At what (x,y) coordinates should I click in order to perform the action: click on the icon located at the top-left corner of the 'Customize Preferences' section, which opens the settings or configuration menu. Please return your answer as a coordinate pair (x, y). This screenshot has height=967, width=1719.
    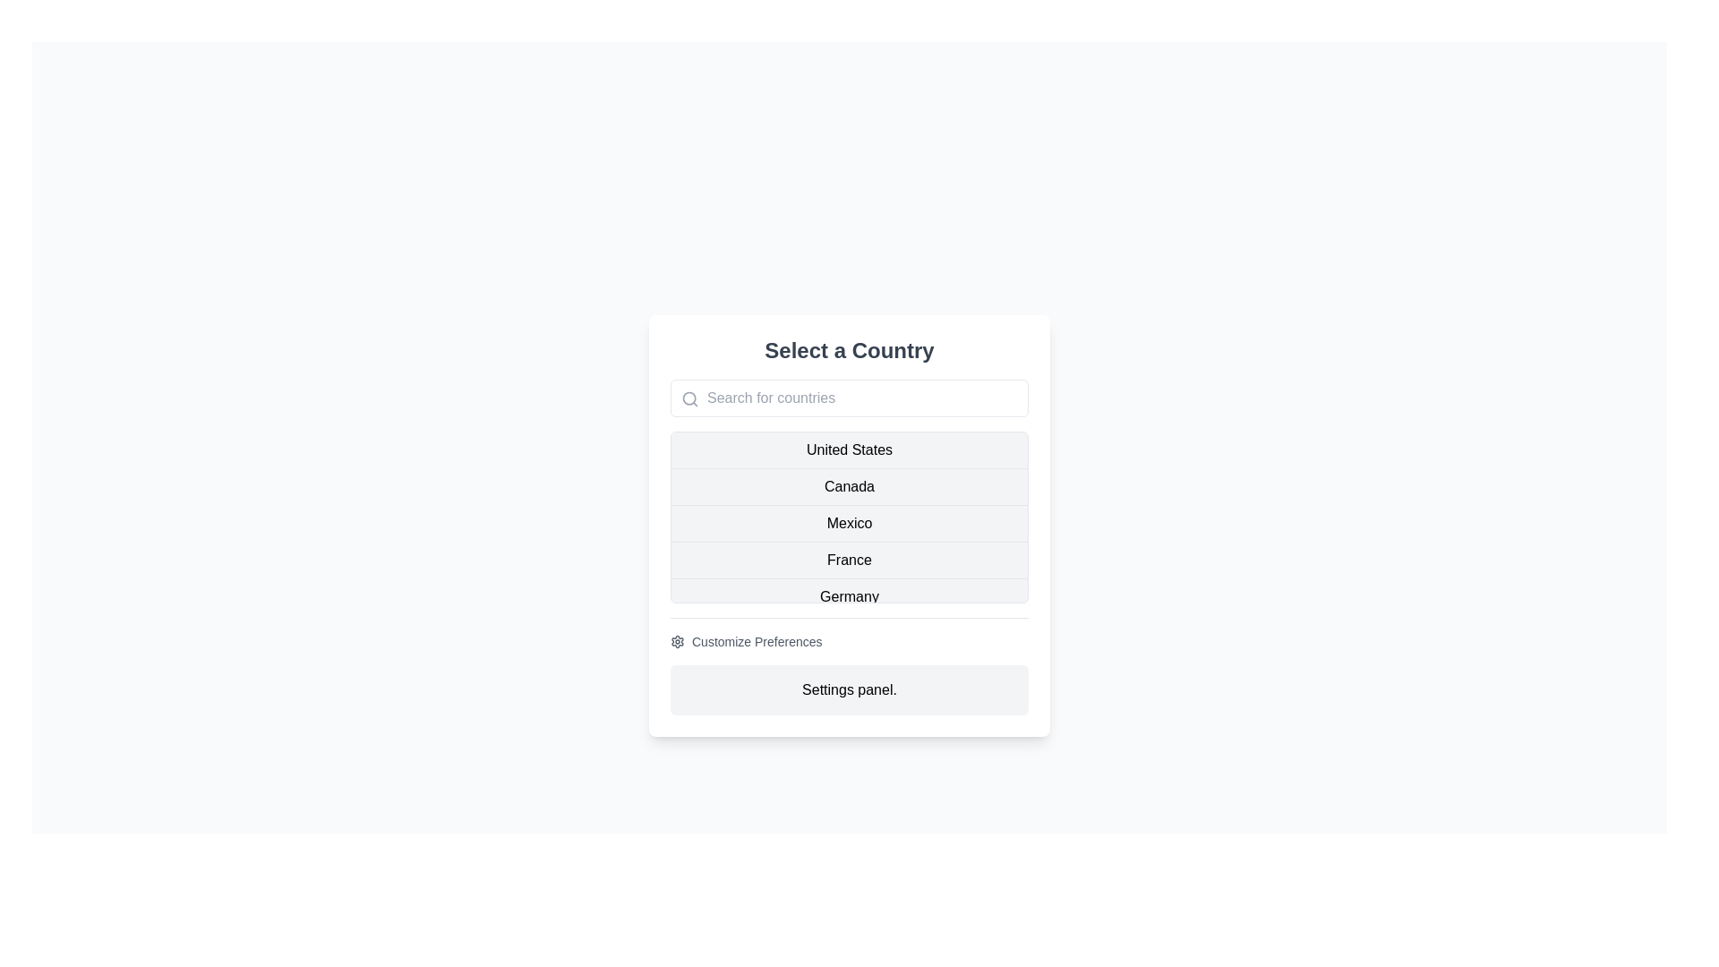
    Looking at the image, I should click on (677, 640).